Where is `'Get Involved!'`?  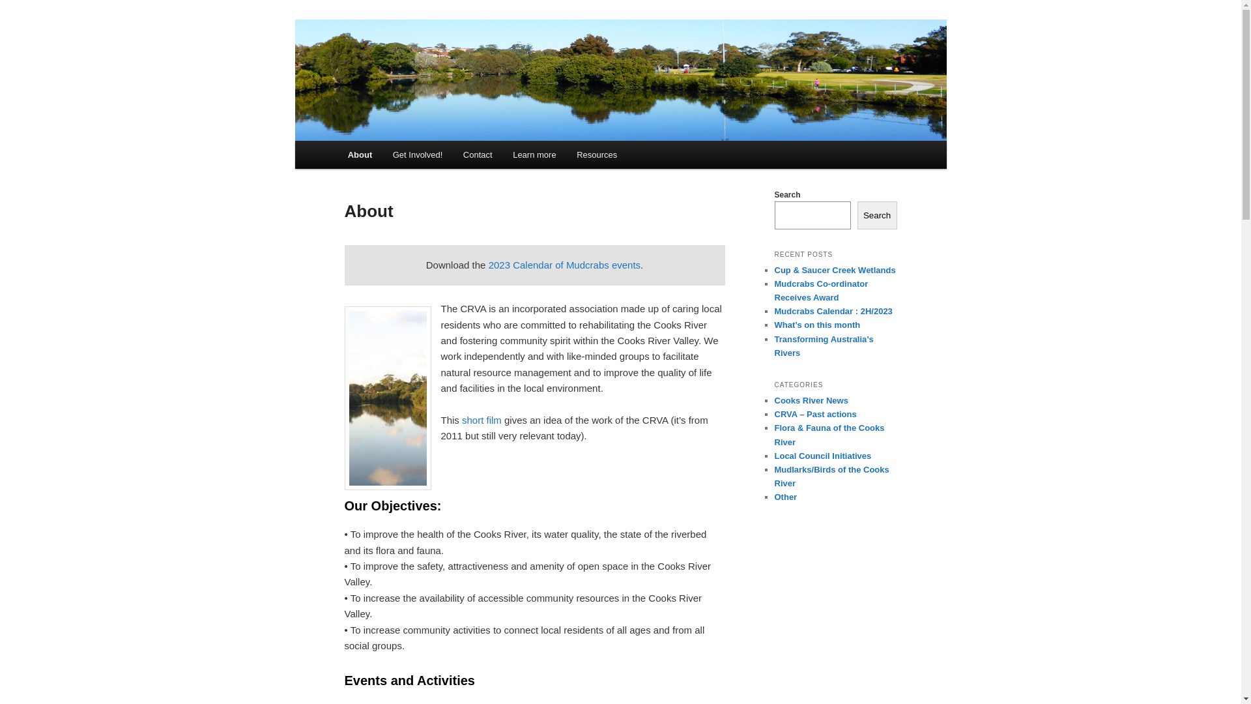
'Get Involved!' is located at coordinates (418, 154).